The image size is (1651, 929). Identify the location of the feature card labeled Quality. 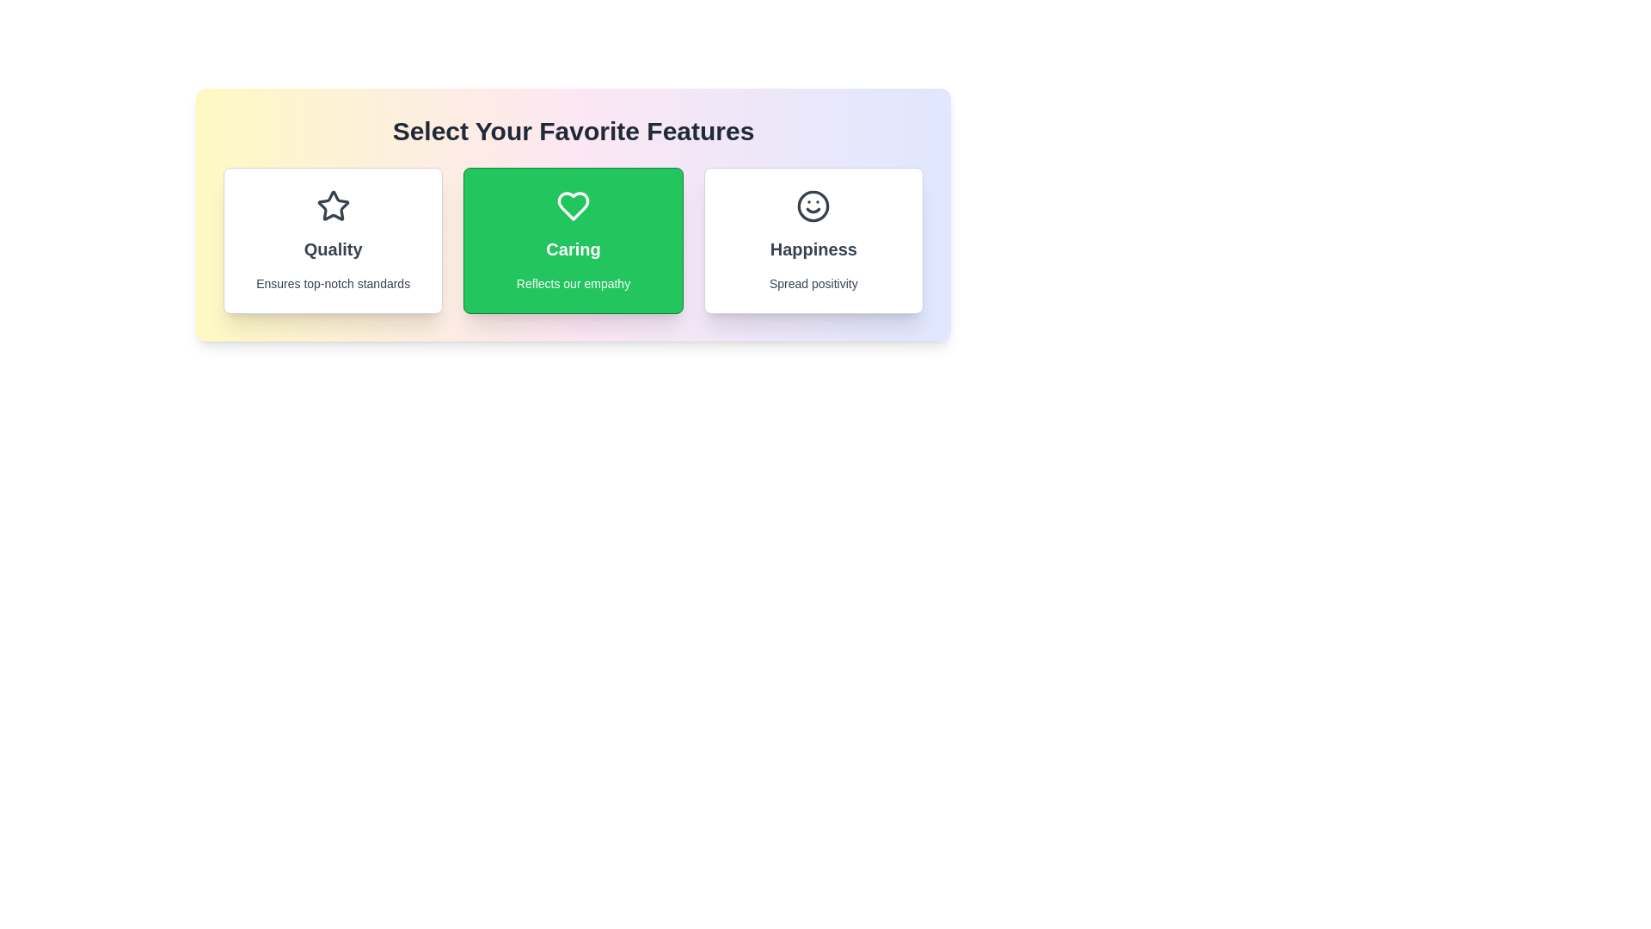
(333, 241).